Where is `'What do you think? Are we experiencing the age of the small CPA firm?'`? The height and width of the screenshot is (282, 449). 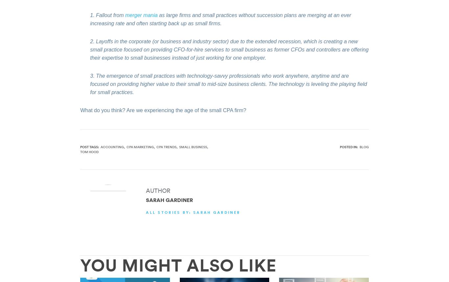 'What do you think? Are we experiencing the age of the small CPA firm?' is located at coordinates (163, 110).